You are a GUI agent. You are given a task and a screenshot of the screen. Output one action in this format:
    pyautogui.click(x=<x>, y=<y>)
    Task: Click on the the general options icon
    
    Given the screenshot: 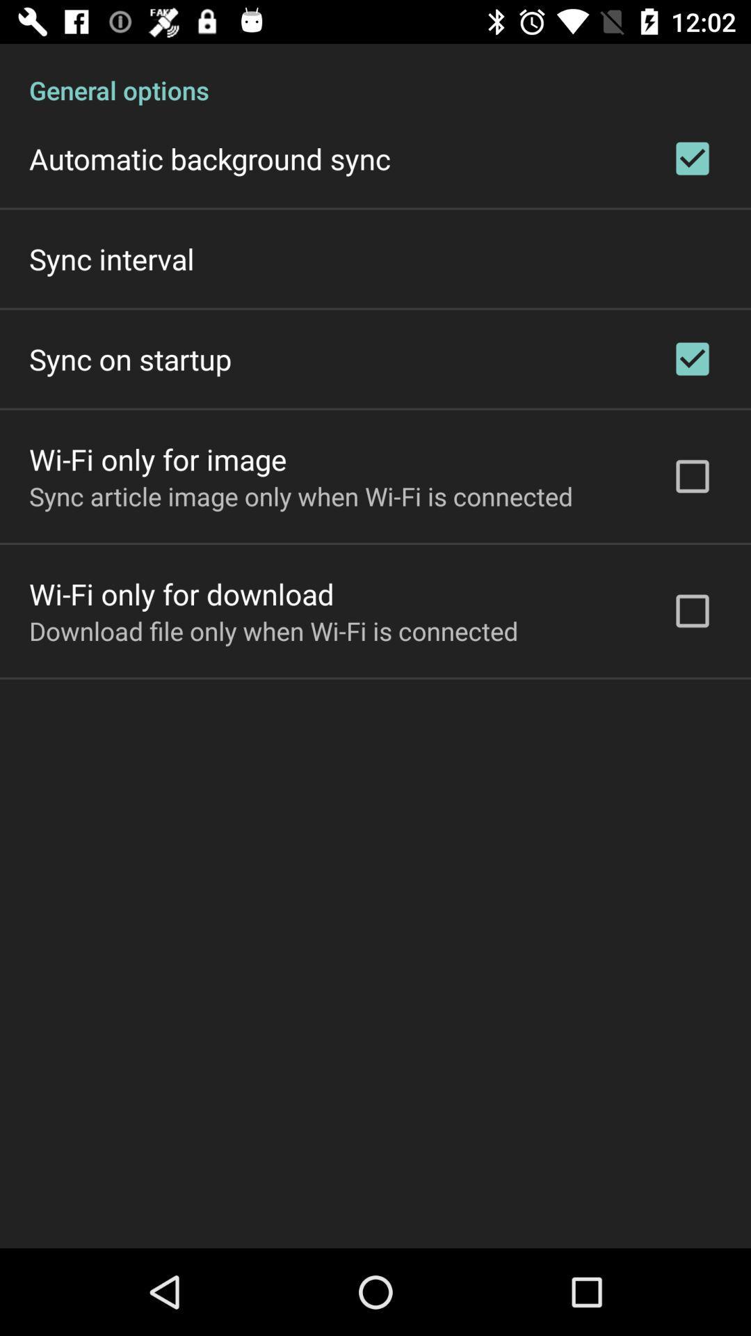 What is the action you would take?
    pyautogui.click(x=375, y=74)
    